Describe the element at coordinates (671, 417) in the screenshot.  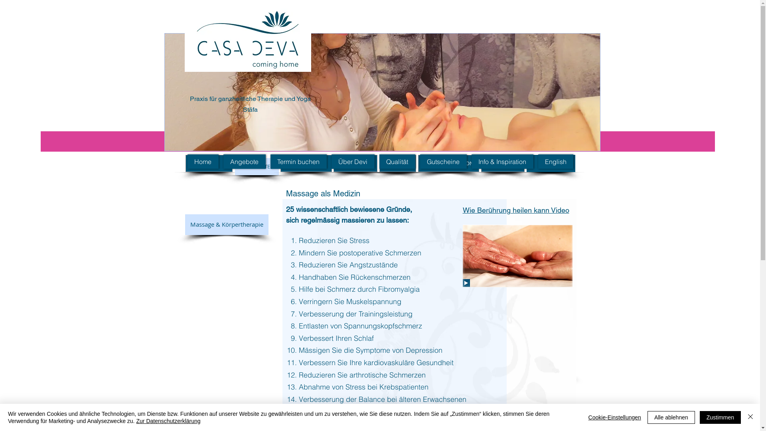
I see `'Alle ablehnen'` at that location.